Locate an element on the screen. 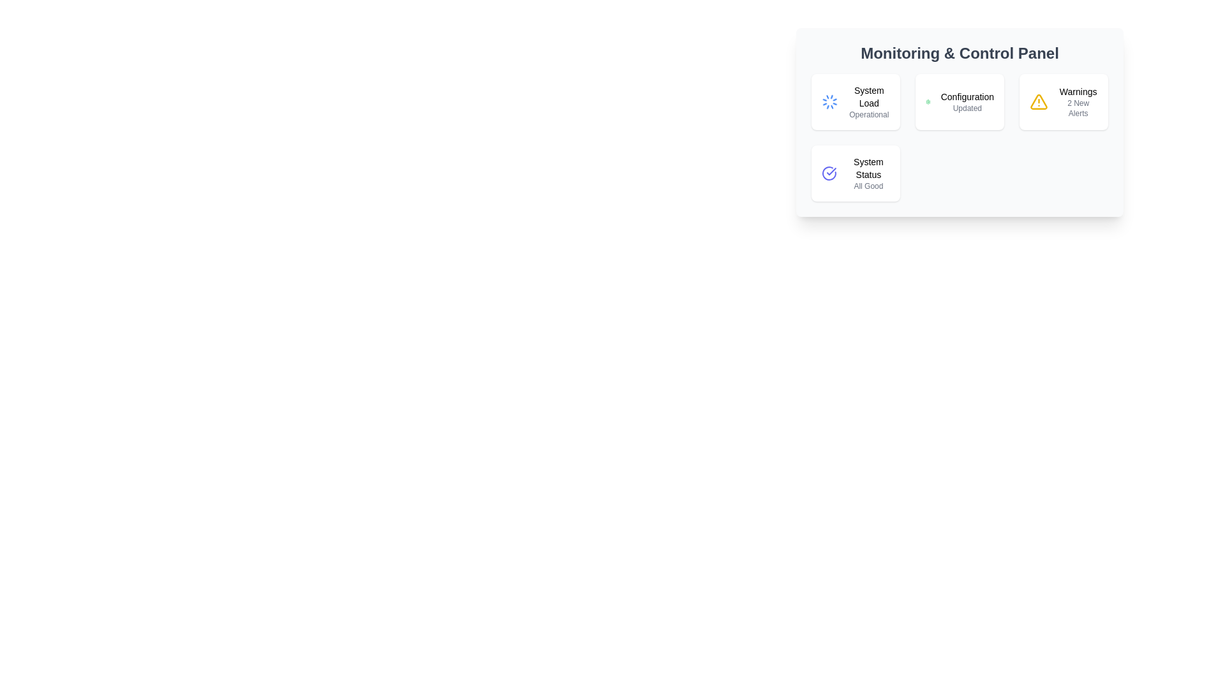  the Text label located at the top of the central card in the 'Monitoring & Control Panel' interface, above the 'Updated' label is located at coordinates (967, 96).